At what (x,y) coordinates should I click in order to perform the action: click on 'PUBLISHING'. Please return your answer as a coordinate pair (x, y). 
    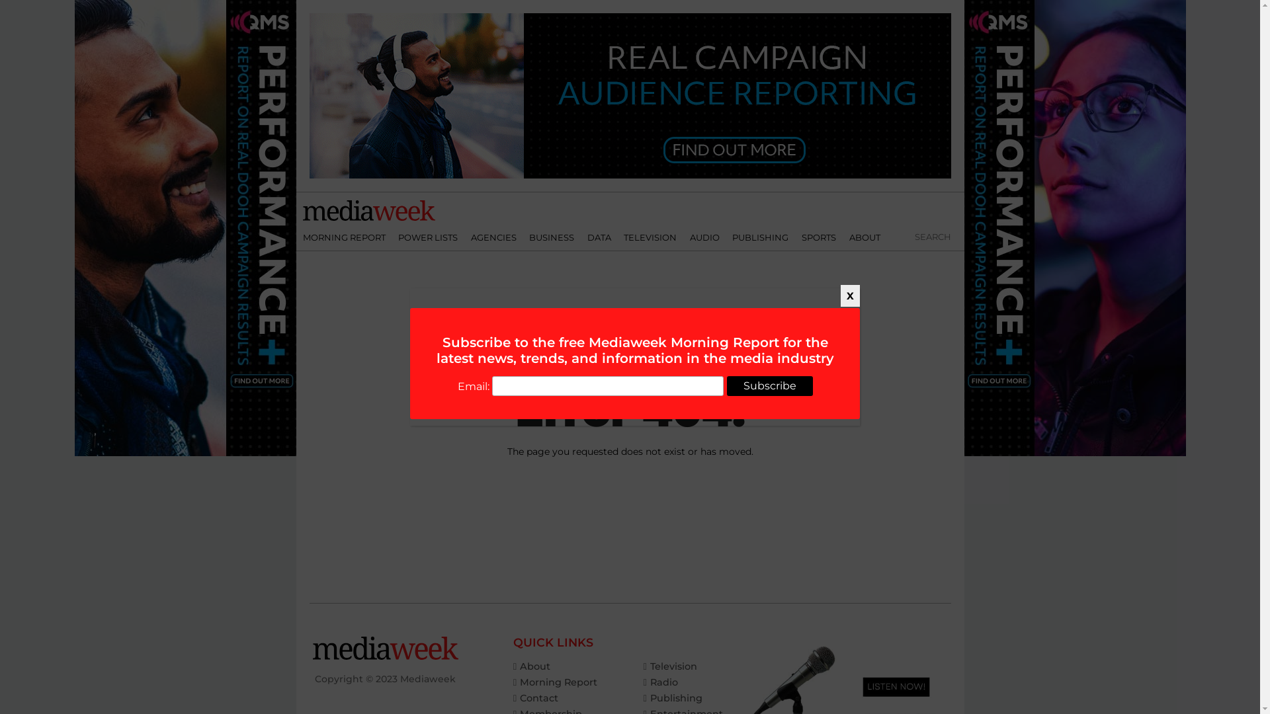
    Looking at the image, I should click on (761, 236).